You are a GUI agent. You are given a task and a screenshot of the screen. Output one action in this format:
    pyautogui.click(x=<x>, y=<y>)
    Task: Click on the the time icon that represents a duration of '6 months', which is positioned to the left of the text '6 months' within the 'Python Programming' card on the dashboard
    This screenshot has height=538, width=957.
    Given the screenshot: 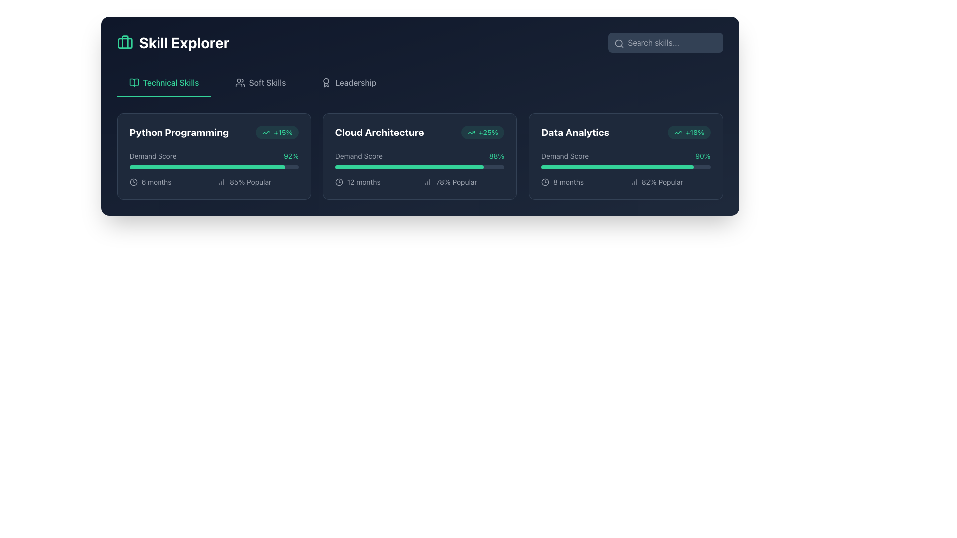 What is the action you would take?
    pyautogui.click(x=133, y=182)
    